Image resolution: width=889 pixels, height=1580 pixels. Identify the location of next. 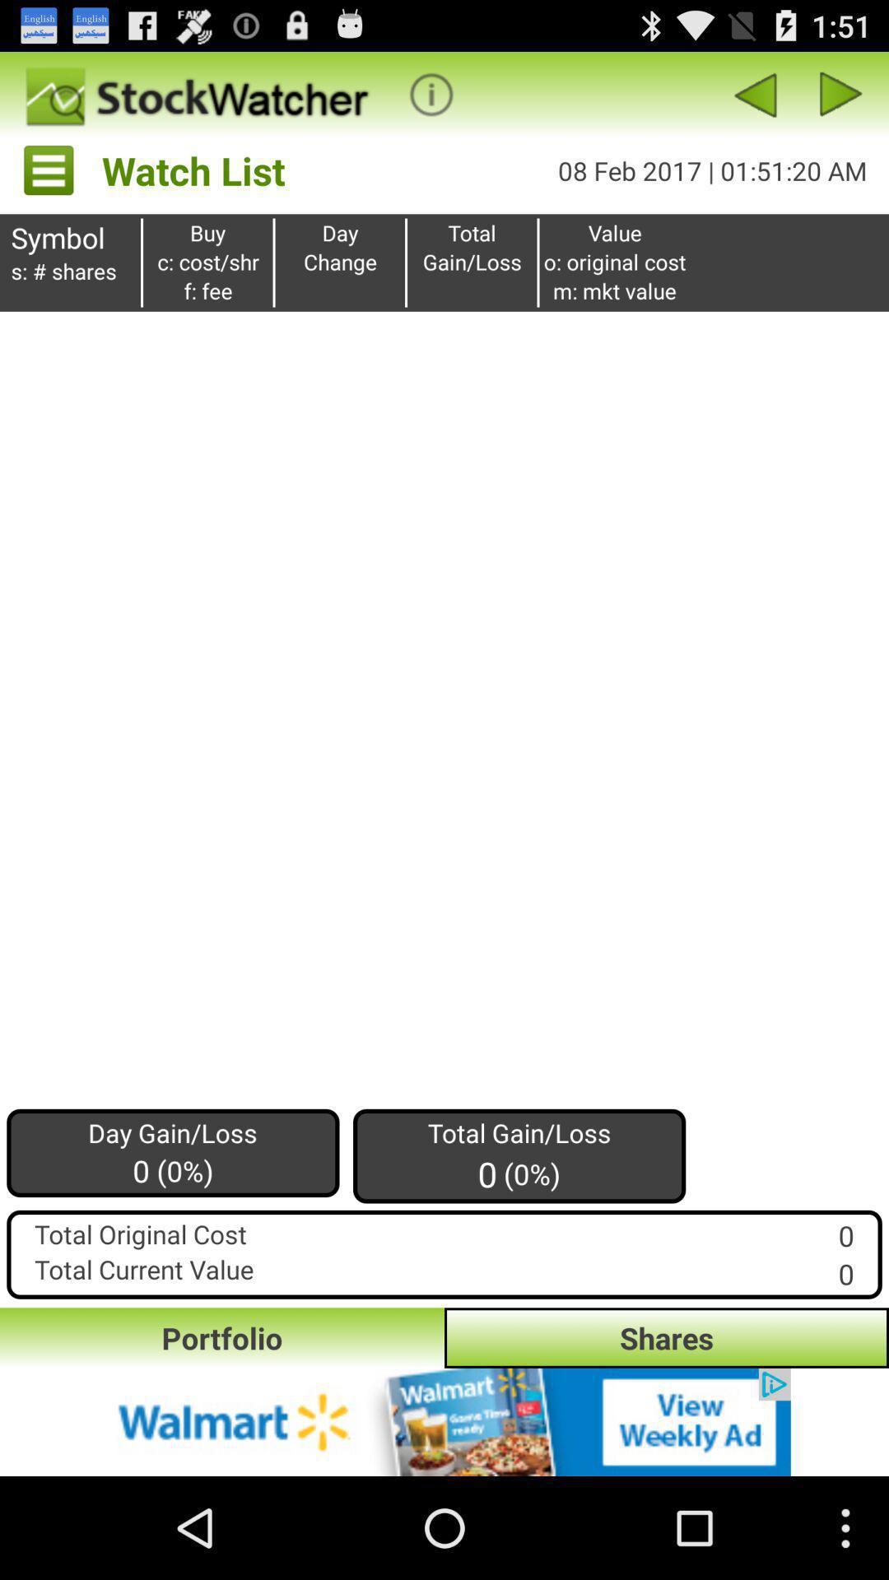
(841, 94).